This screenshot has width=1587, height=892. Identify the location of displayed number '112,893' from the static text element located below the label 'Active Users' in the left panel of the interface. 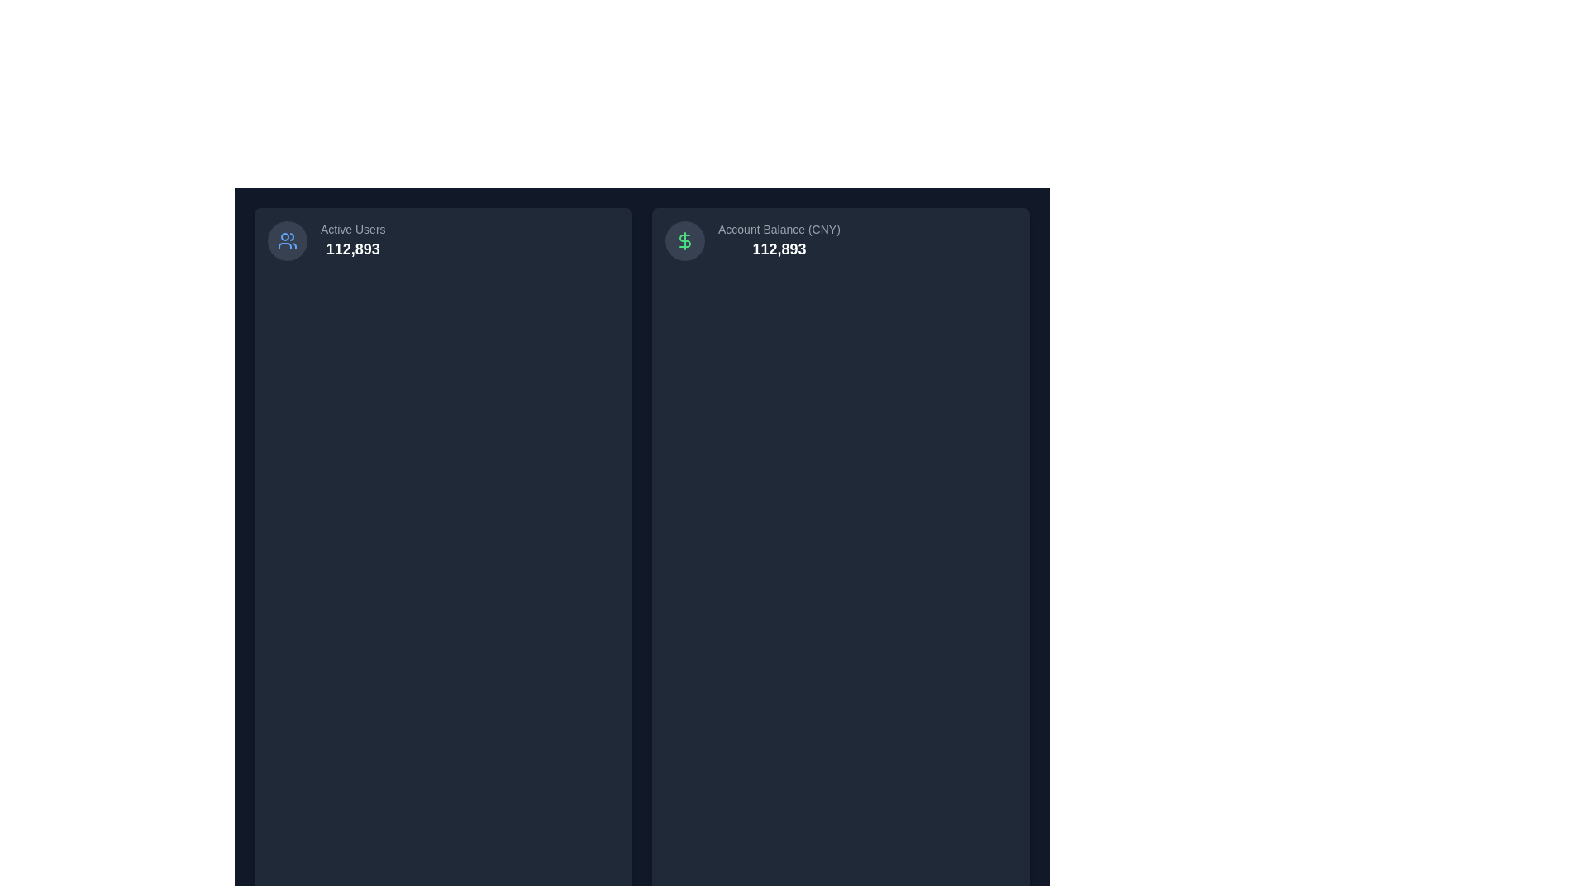
(352, 249).